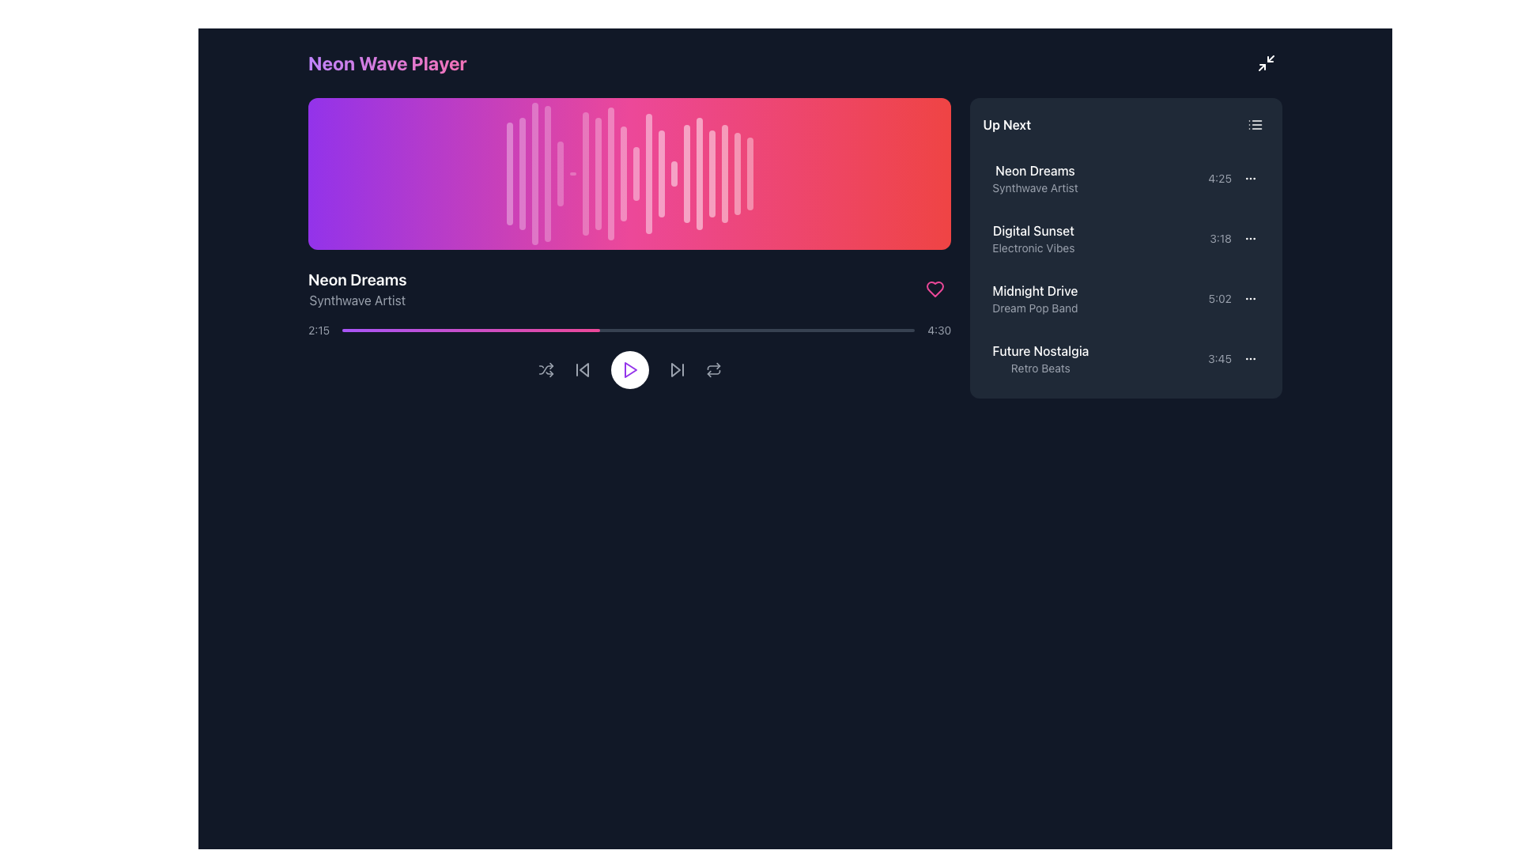 This screenshot has height=854, width=1518. What do you see at coordinates (1233, 299) in the screenshot?
I see `the interactive icon for additional song options, represented by three vertically aligned dots, located on the right side of the duration text '5:02' in the 'Up Next' playlist panel` at bounding box center [1233, 299].